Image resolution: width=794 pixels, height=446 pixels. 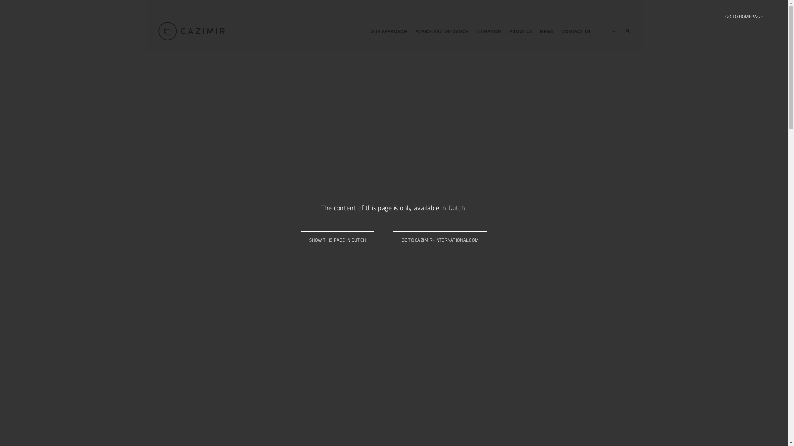 I want to click on 'OUR APPROACH', so click(x=370, y=30).